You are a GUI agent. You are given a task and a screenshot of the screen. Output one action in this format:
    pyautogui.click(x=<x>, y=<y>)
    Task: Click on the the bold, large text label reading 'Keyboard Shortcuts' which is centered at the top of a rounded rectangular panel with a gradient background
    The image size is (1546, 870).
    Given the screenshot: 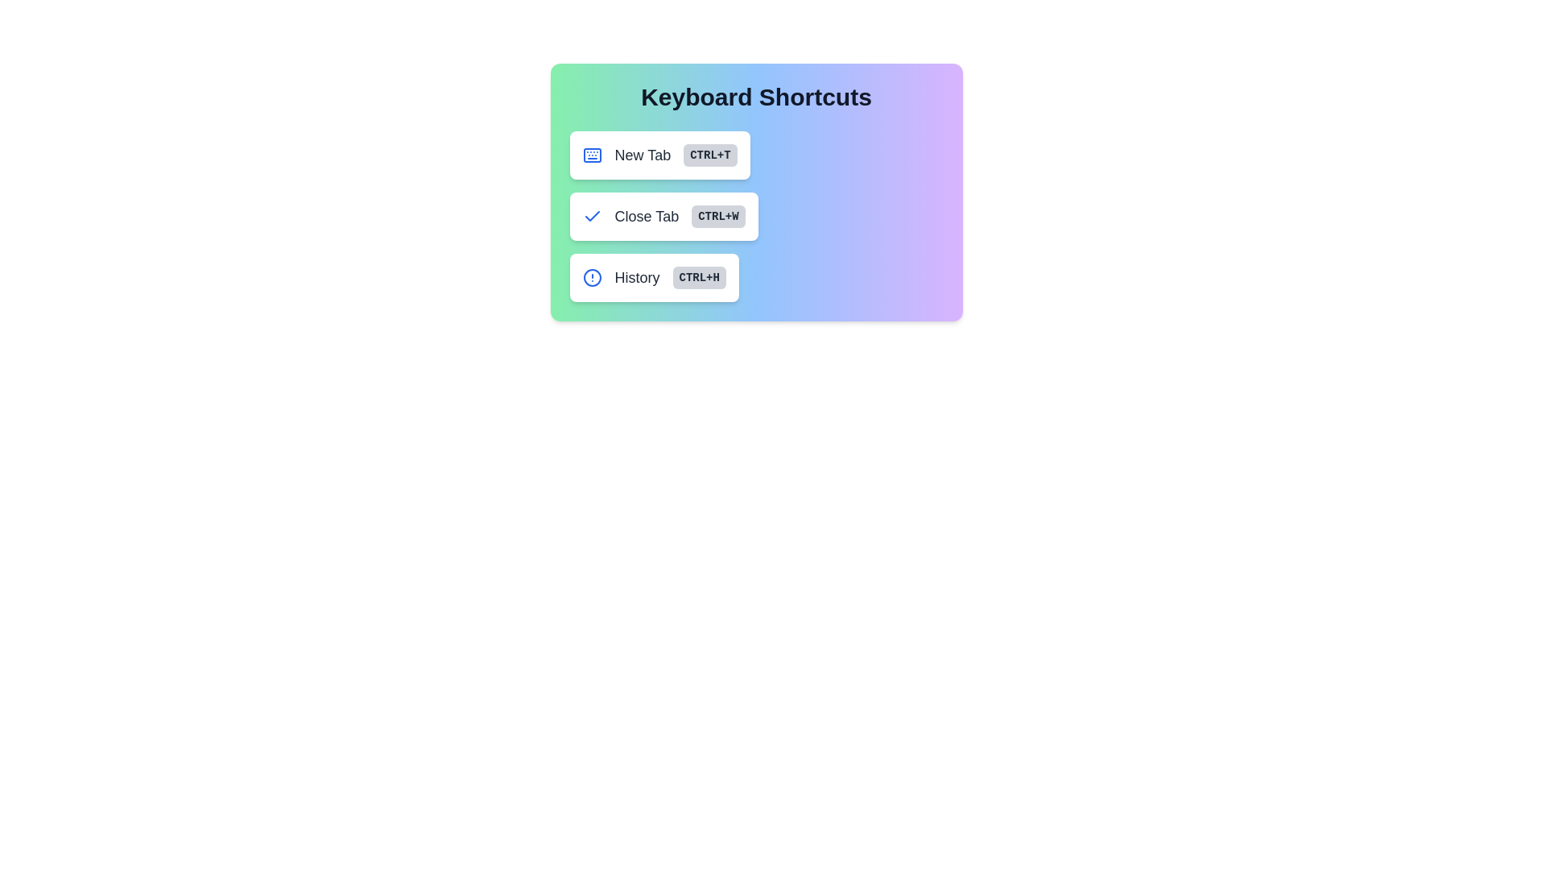 What is the action you would take?
    pyautogui.click(x=755, y=97)
    